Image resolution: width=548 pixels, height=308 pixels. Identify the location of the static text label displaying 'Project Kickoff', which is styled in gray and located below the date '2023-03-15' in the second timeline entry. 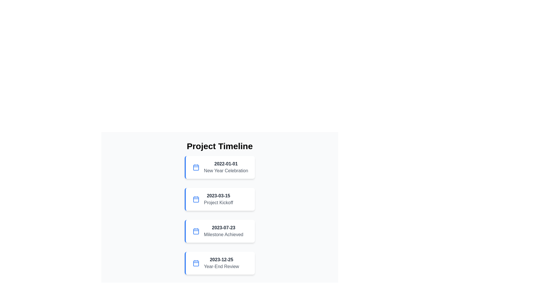
(218, 202).